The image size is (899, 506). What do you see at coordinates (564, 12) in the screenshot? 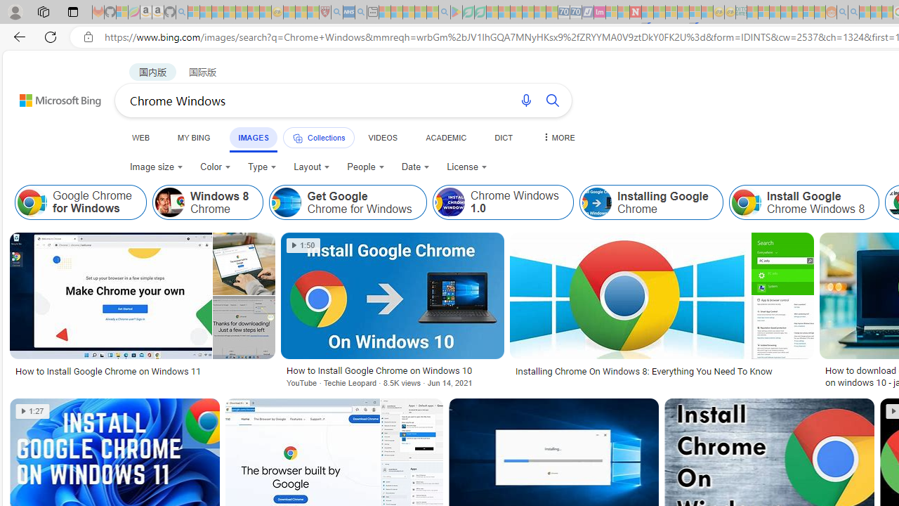
I see `'Cheap Car Rentals - Save70.com - Sleeping'` at bounding box center [564, 12].